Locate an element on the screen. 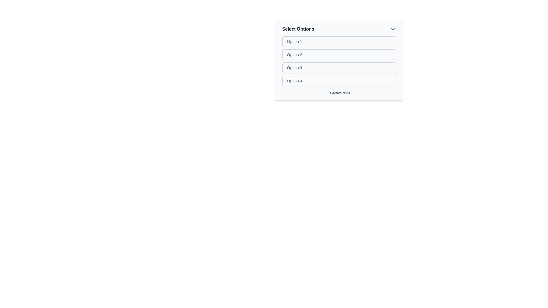  the text label displaying 'Option 4', which is styled to suggest a selectable button within the 'Select Options' dropdown list is located at coordinates (295, 81).